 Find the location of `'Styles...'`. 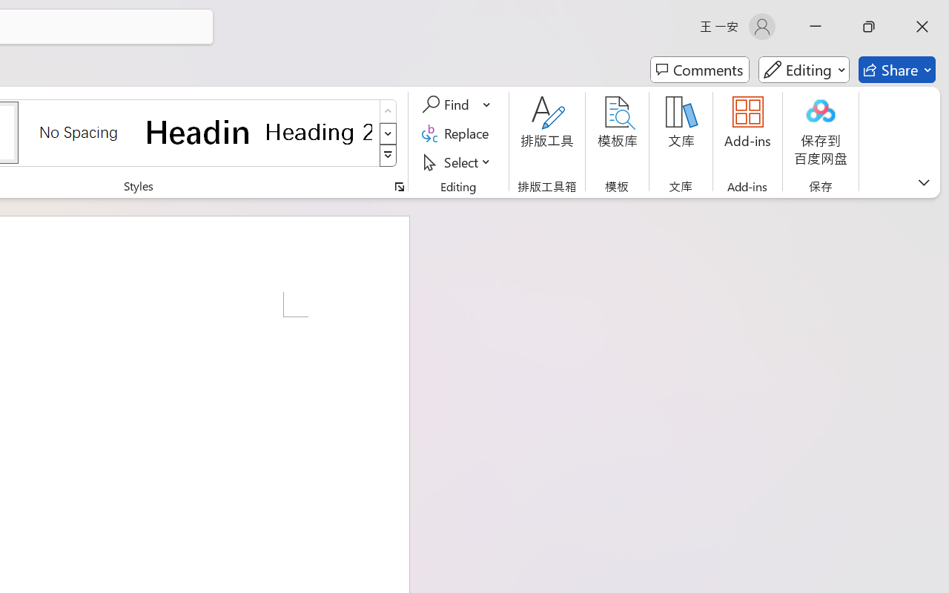

'Styles...' is located at coordinates (399, 186).